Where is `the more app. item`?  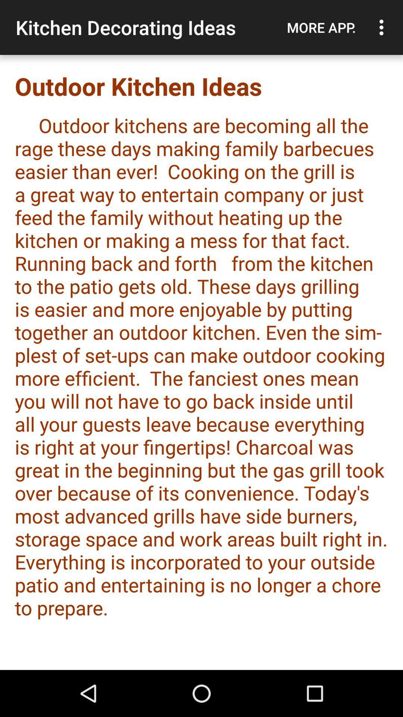 the more app. item is located at coordinates (321, 27).